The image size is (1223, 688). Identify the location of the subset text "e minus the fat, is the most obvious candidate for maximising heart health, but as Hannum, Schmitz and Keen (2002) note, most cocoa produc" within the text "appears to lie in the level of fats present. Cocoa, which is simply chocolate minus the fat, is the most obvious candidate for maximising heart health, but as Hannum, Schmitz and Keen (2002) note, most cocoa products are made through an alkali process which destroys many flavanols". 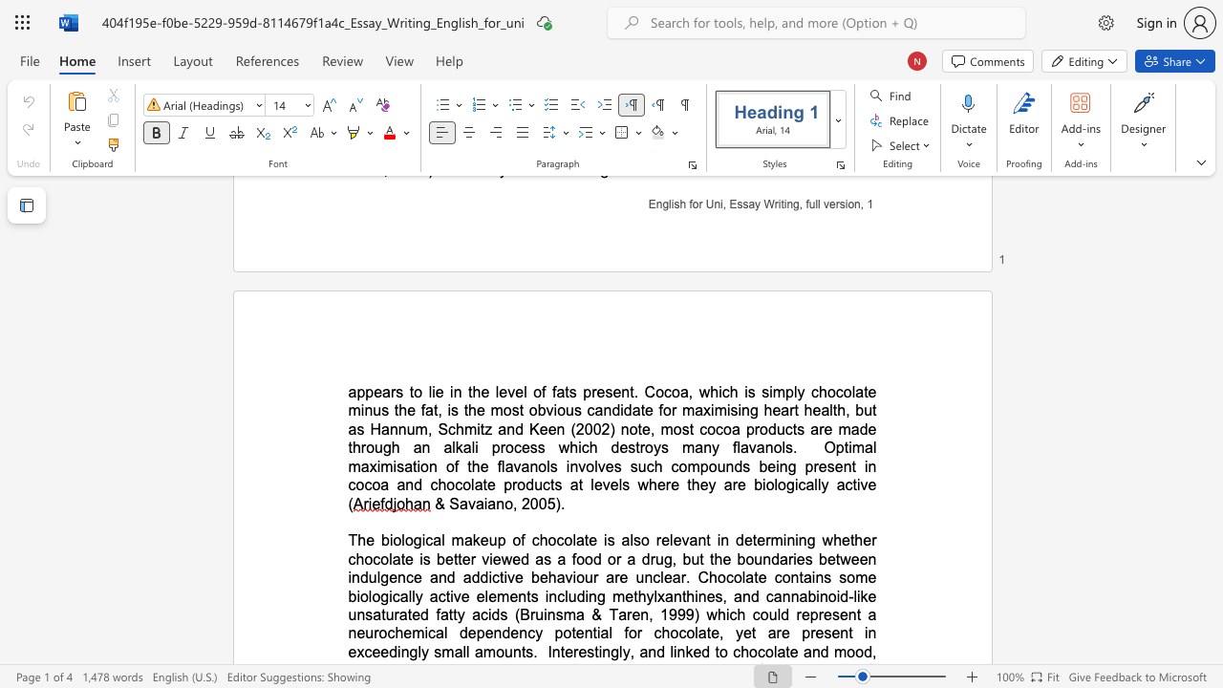
(867, 391).